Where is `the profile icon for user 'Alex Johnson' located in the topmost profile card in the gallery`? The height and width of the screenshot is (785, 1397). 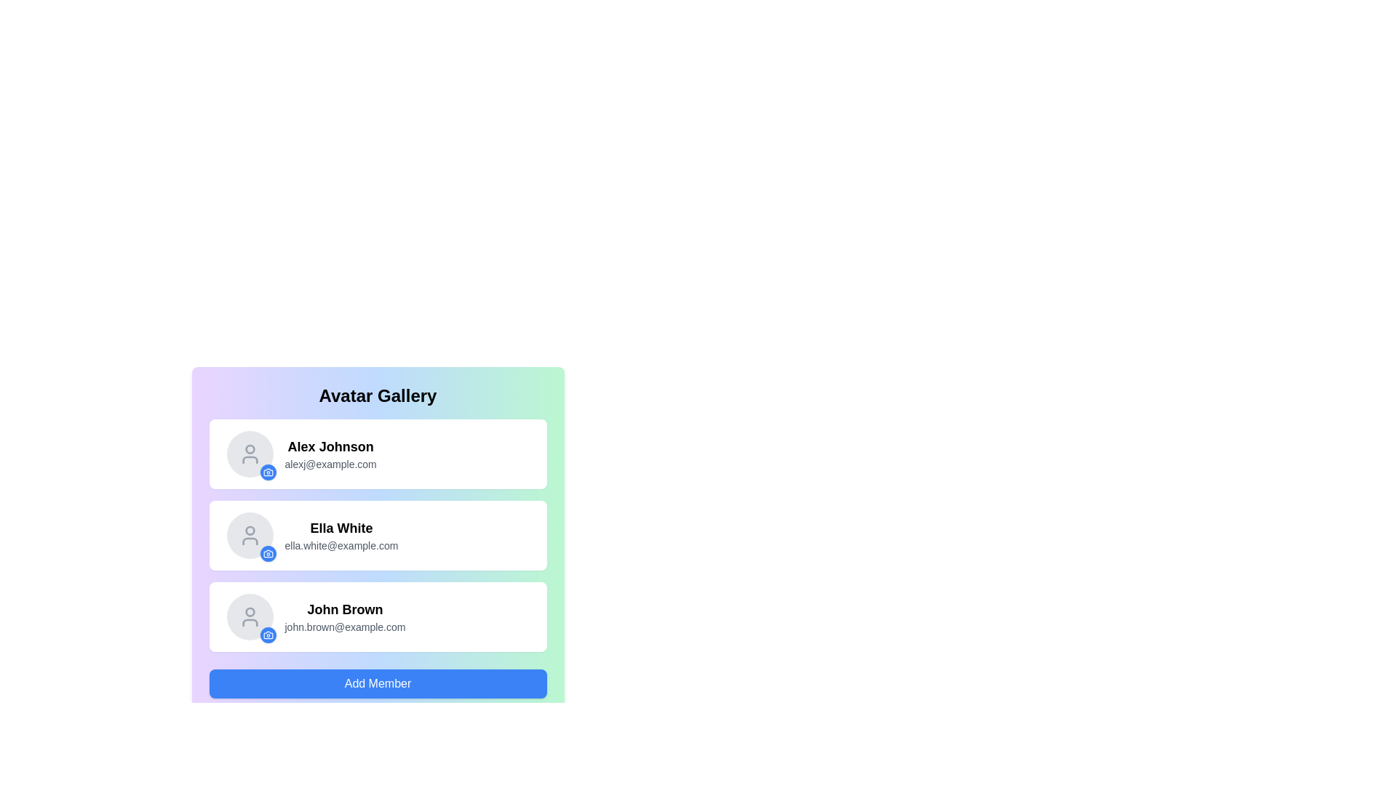 the profile icon for user 'Alex Johnson' located in the topmost profile card in the gallery is located at coordinates (250, 448).